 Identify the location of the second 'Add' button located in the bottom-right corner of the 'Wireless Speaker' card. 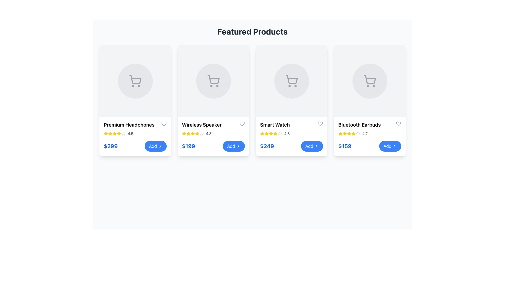
(234, 146).